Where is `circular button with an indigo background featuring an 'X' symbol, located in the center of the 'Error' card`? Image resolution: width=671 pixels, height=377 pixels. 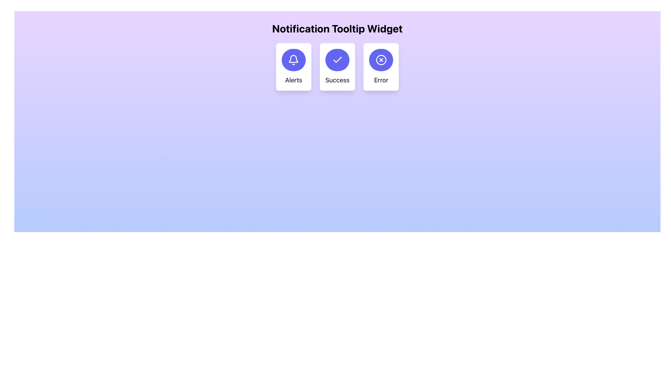
circular button with an indigo background featuring an 'X' symbol, located in the center of the 'Error' card is located at coordinates (381, 60).